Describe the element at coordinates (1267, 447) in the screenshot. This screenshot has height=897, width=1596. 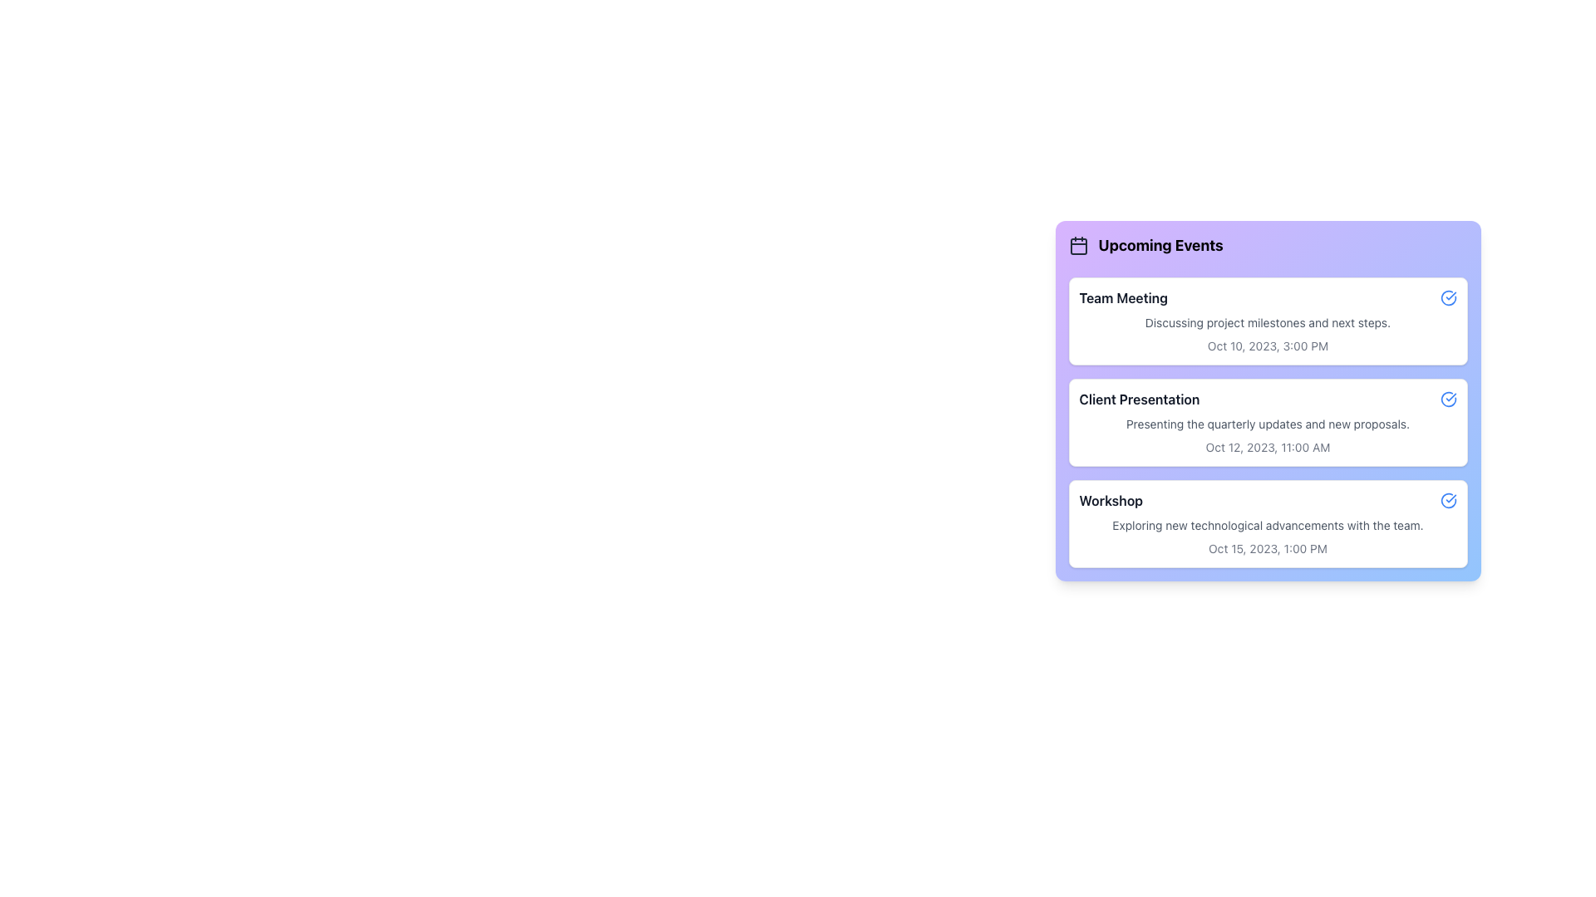
I see `details of the Text Label indicating the scheduled date and time of the event titled 'Client Presentation', which is the third text element from the top within the event card` at that location.